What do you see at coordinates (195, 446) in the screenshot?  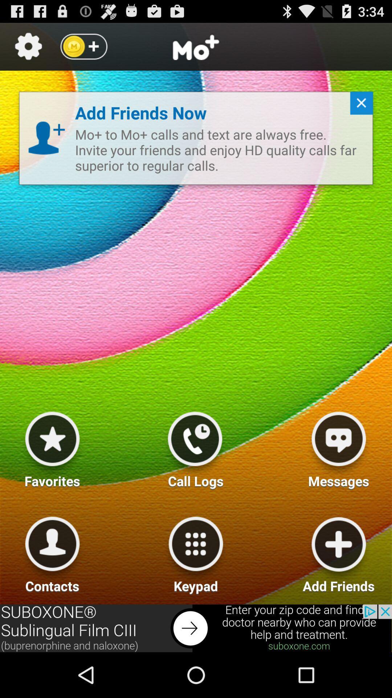 I see `open the call logs page` at bounding box center [195, 446].